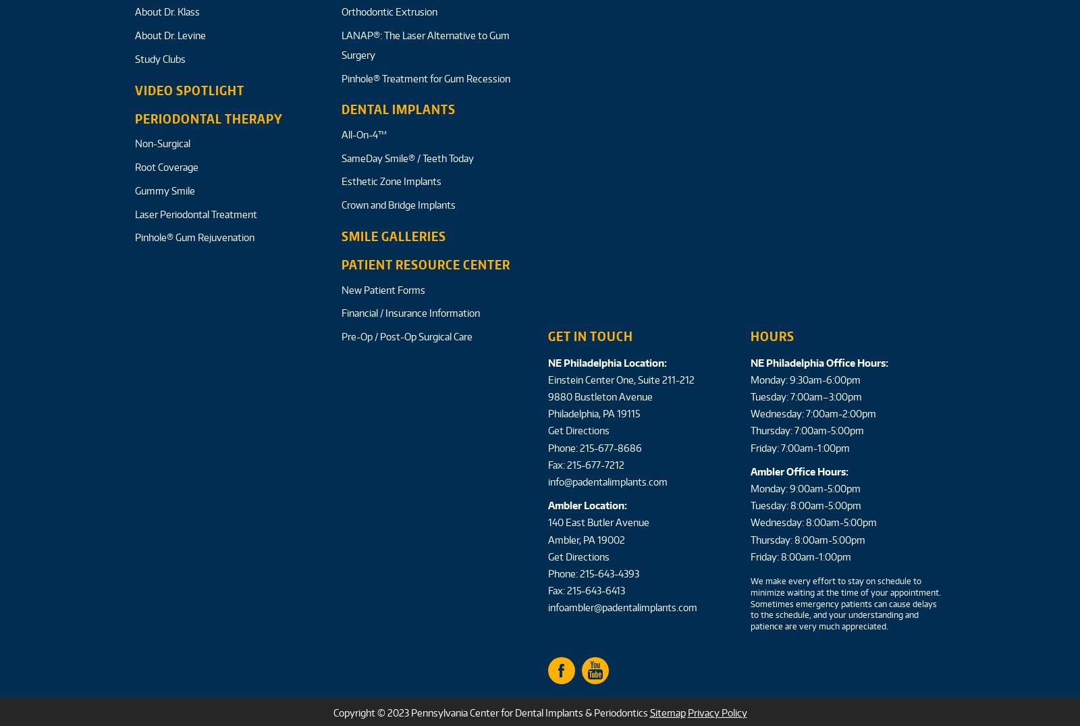 Image resolution: width=1080 pixels, height=726 pixels. Describe the element at coordinates (134, 213) in the screenshot. I see `'Laser Periodontal Treatment'` at that location.